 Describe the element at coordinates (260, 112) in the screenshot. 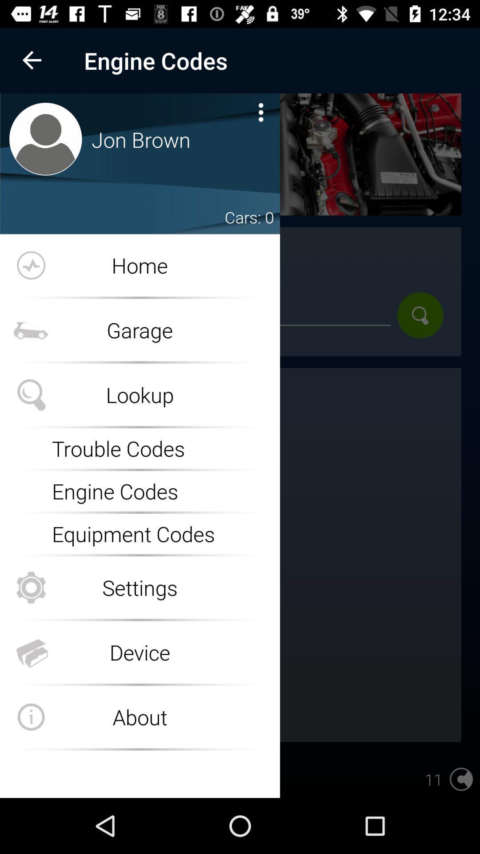

I see `the more icon` at that location.